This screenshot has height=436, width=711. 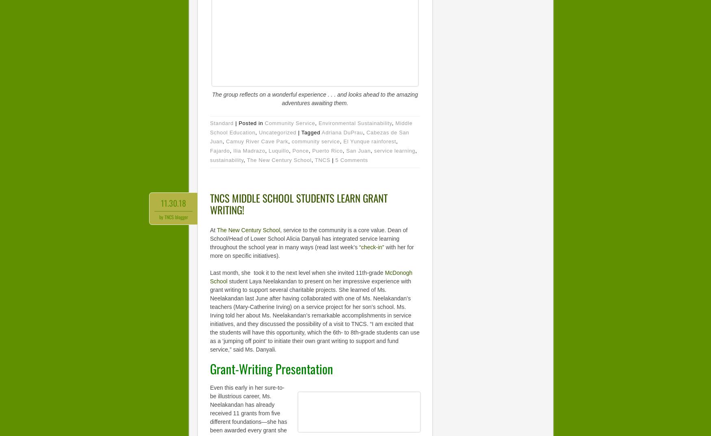 I want to click on 'Camuy River Cave Park', so click(x=256, y=141).